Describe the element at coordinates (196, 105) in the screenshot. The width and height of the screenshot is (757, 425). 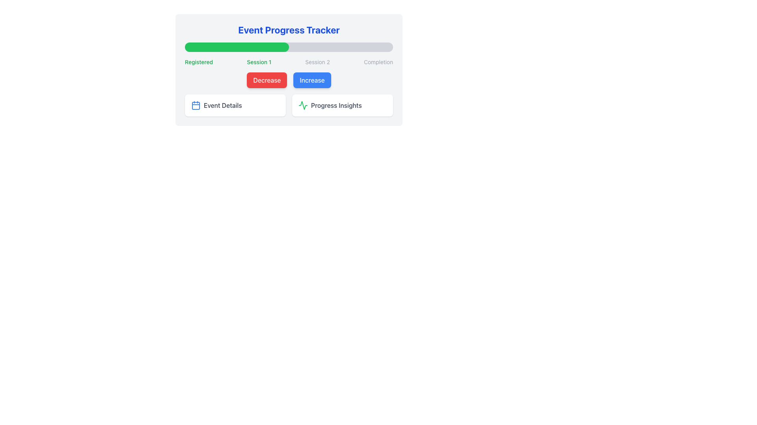
I see `the calendar icon within the 'Event Details' button located to the left of the 'Event Details' label` at that location.